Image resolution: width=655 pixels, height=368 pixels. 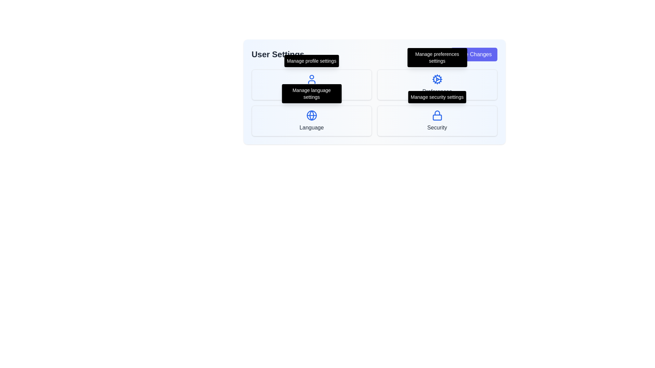 I want to click on the blue lock icon representing security, located in the 'Security' section of the interface, centered above the label text 'Security', so click(x=437, y=115).